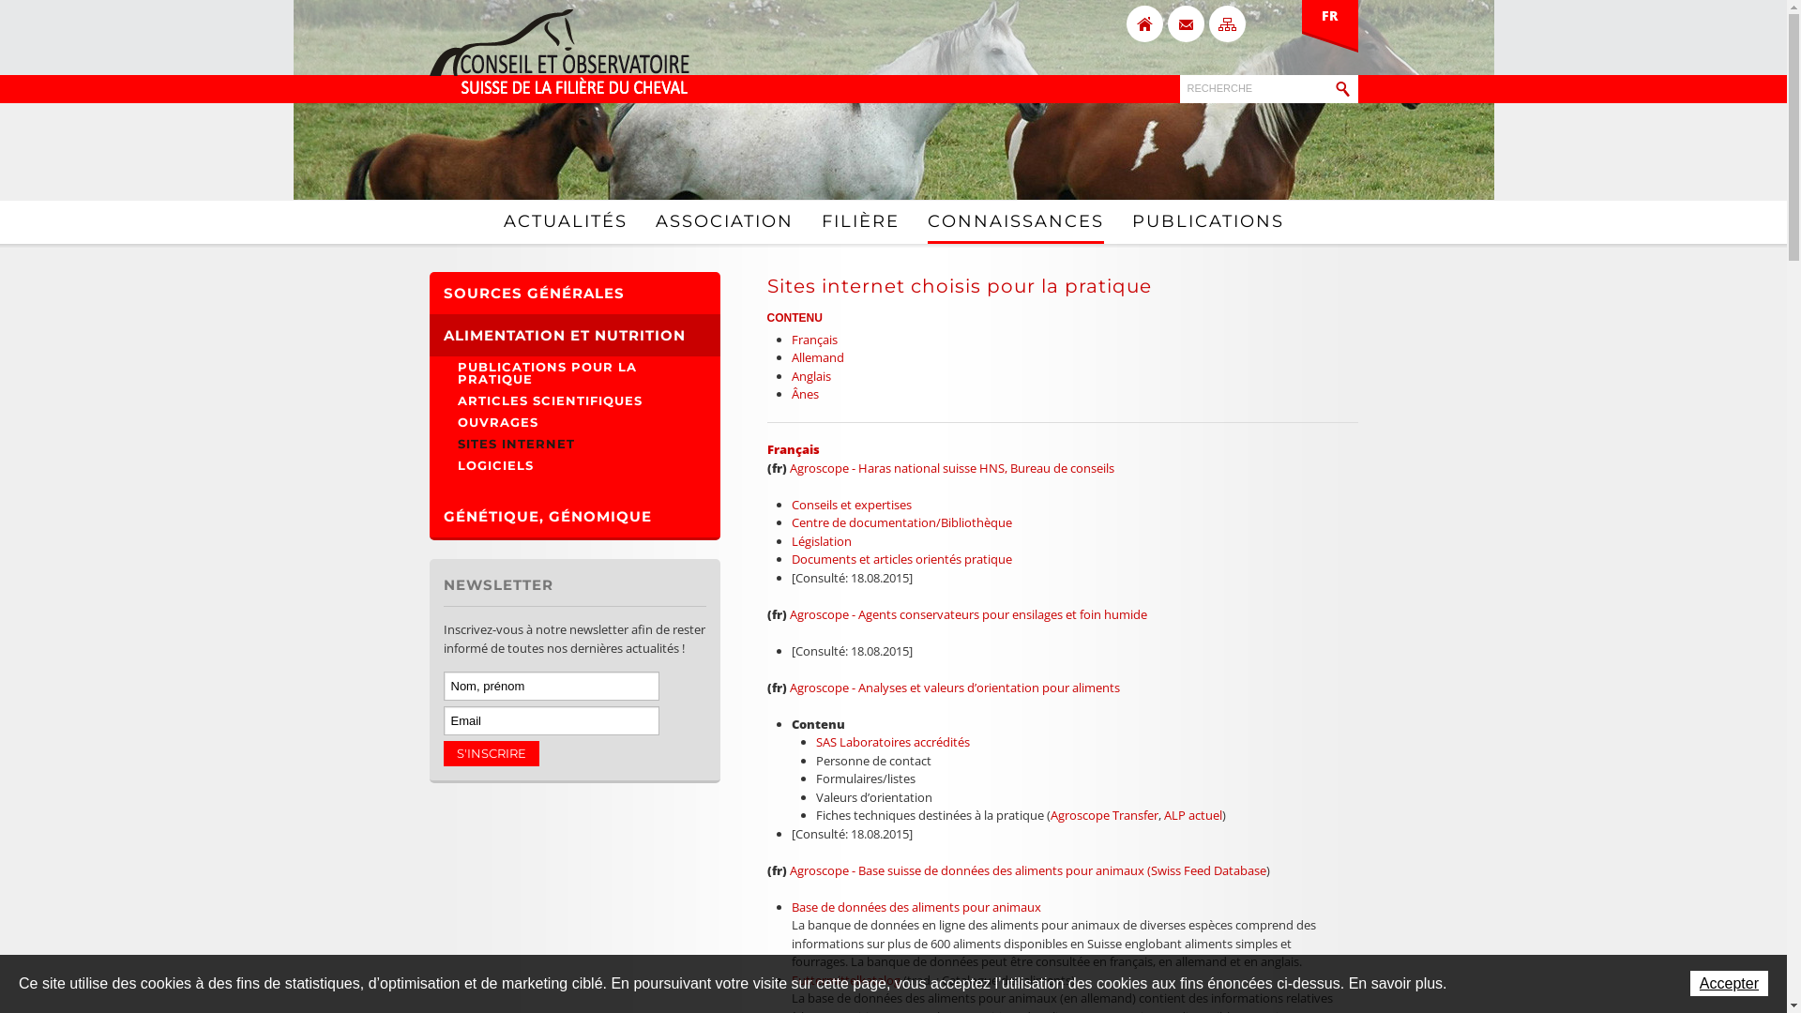 The height and width of the screenshot is (1013, 1801). Describe the element at coordinates (491, 752) in the screenshot. I see `'S'INSCRIRE'` at that location.